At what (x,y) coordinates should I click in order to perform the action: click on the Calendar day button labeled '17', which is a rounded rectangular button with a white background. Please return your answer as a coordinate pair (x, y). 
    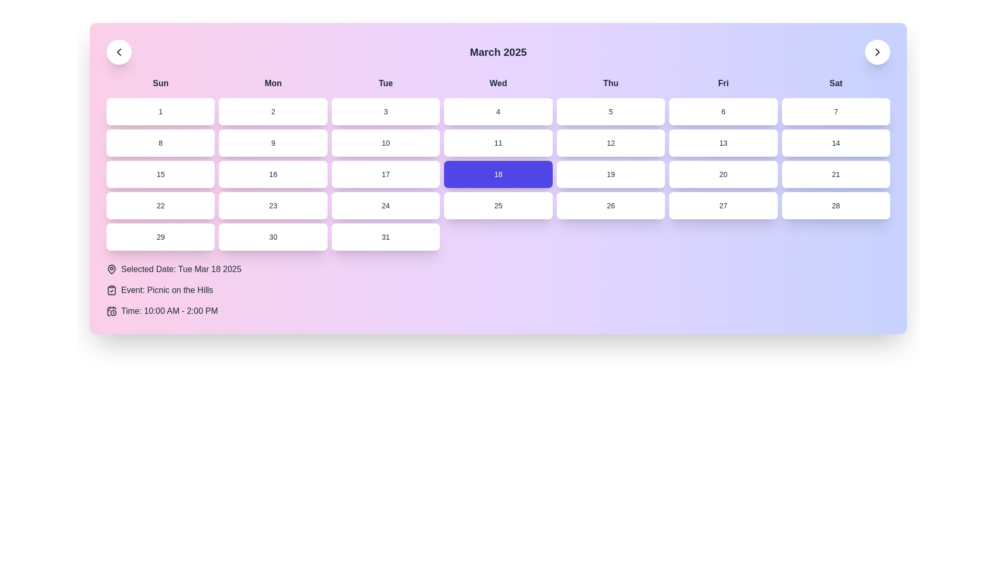
    Looking at the image, I should click on (385, 174).